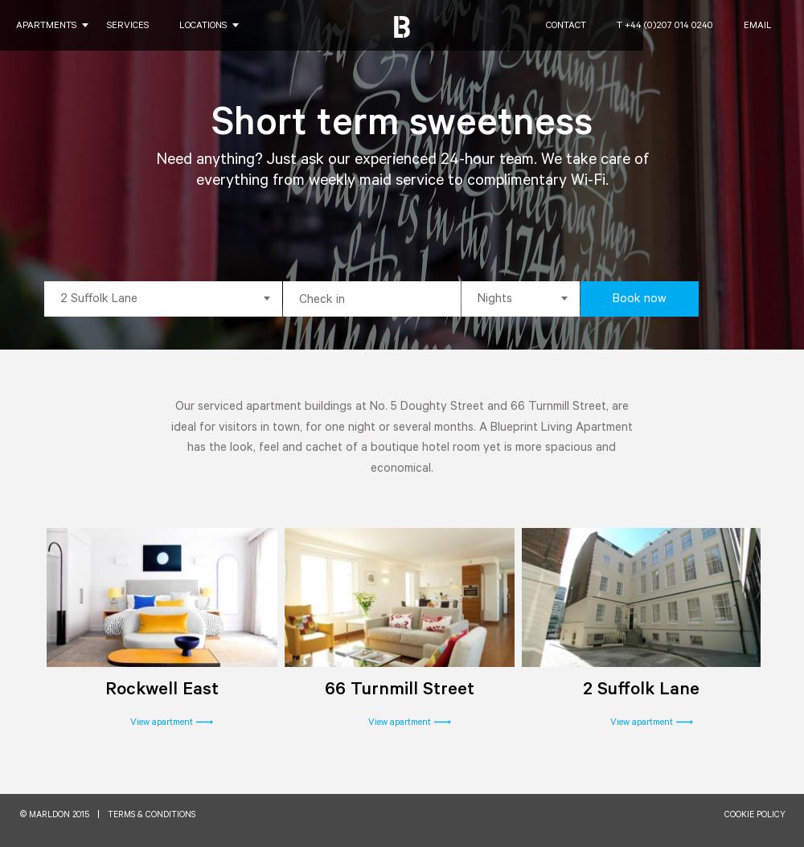 This screenshot has height=847, width=804. I want to click on '66 Turnmill Street', so click(398, 691).